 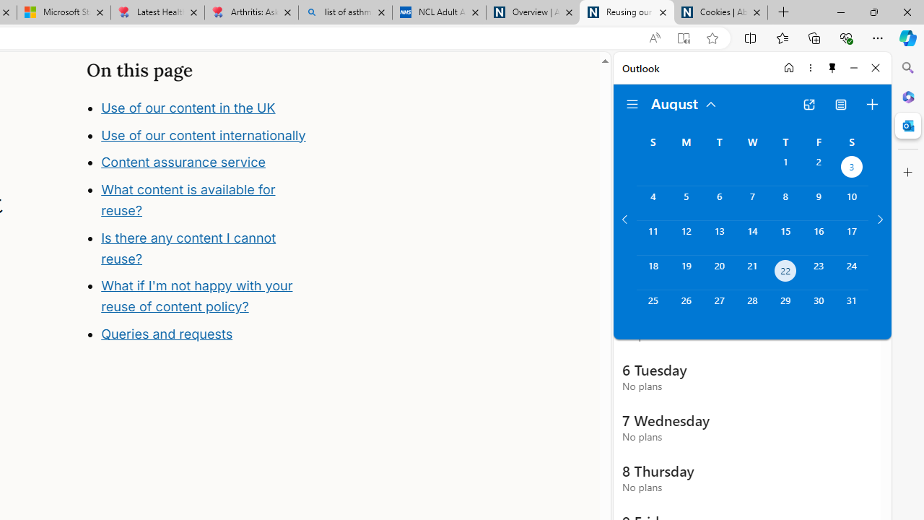 I want to click on 'Monday, August 26, 2024. ', so click(x=685, y=306).